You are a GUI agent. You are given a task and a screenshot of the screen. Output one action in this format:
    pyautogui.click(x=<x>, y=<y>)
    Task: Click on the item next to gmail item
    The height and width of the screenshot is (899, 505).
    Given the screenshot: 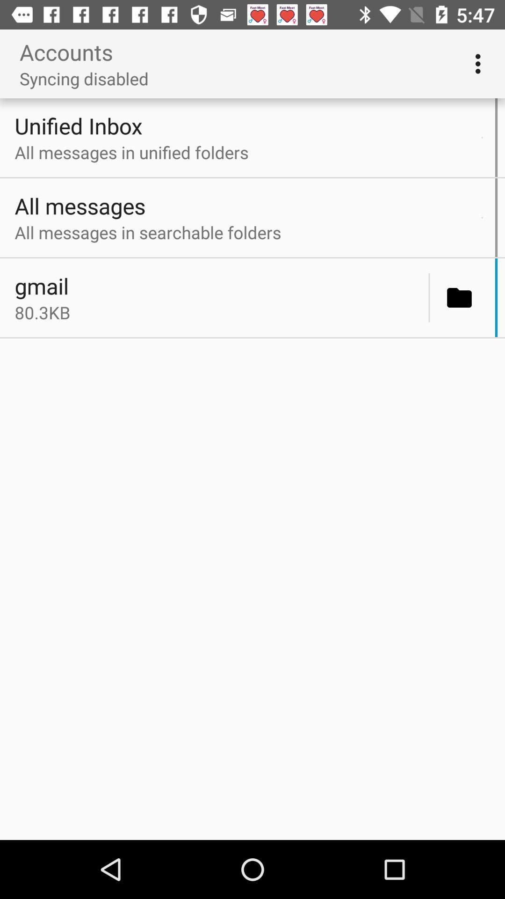 What is the action you would take?
    pyautogui.click(x=429, y=297)
    